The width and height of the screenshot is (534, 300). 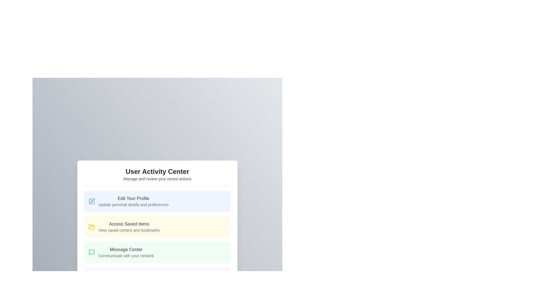 I want to click on the Informational Button labeled 'Edit Your Profile' with a light blue background and a blue pencil icon, positioned above 'Access Saved Items' in the User Activity Center, so click(x=157, y=201).